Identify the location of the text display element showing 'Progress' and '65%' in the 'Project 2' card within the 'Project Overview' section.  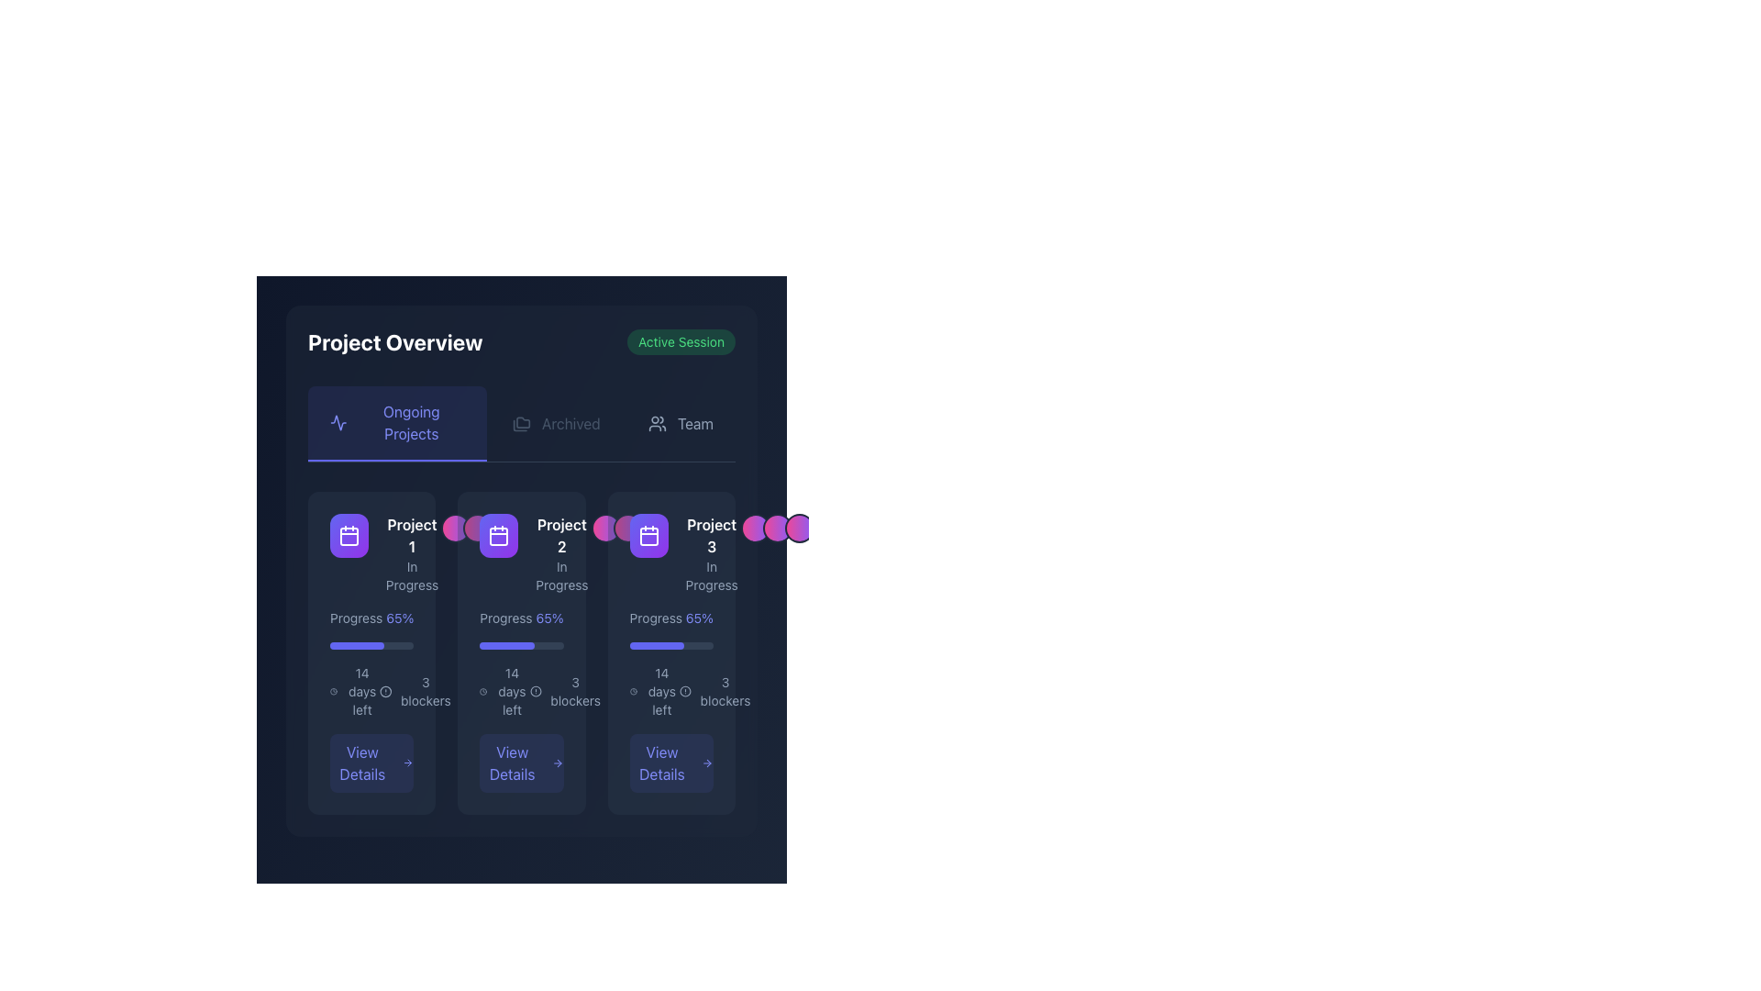
(520, 618).